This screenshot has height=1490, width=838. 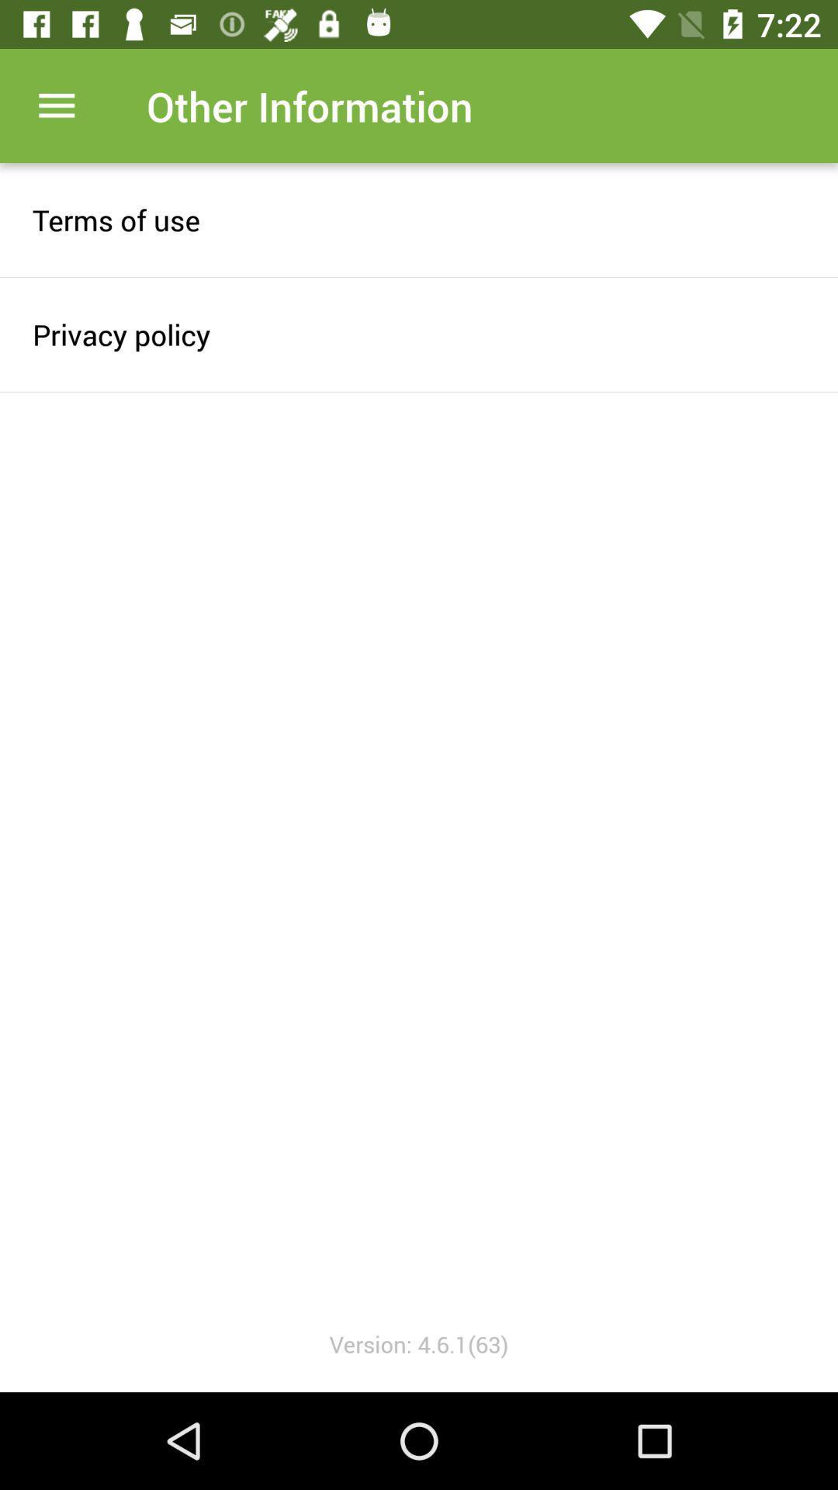 What do you see at coordinates (56, 105) in the screenshot?
I see `drop menu` at bounding box center [56, 105].